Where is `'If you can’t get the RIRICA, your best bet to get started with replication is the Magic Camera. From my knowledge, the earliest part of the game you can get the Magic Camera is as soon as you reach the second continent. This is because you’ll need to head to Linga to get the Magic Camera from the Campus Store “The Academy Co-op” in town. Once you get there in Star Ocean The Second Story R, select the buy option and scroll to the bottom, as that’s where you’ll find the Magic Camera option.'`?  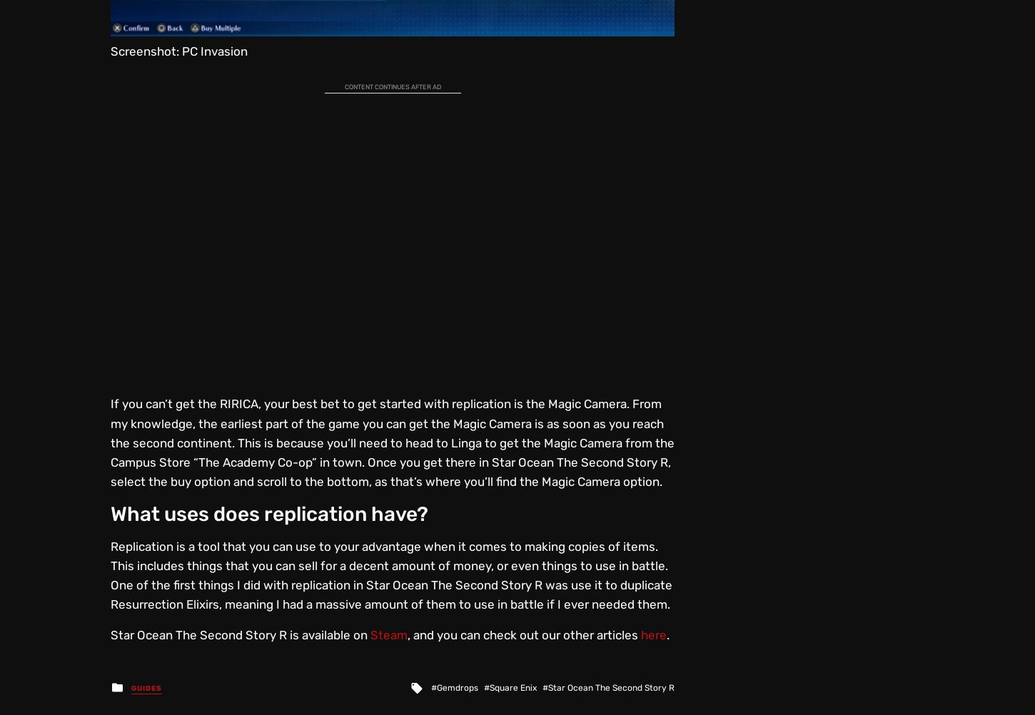 'If you can’t get the RIRICA, your best bet to get started with replication is the Magic Camera. From my knowledge, the earliest part of the game you can get the Magic Camera is as soon as you reach the second continent. This is because you’ll need to head to Linga to get the Magic Camera from the Campus Store “The Academy Co-op” in town. Once you get there in Star Ocean The Second Story R, select the buy option and scroll to the bottom, as that’s where you’ll find the Magic Camera option.' is located at coordinates (392, 442).